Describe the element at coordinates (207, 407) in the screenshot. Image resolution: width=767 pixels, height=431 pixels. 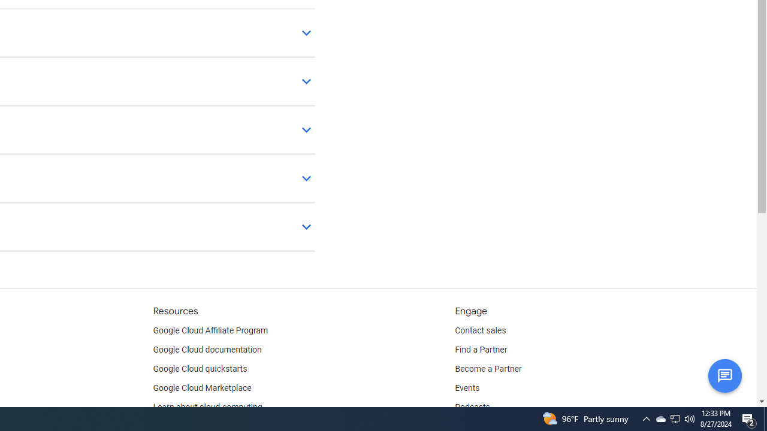
I see `'Learn about cloud computing'` at that location.